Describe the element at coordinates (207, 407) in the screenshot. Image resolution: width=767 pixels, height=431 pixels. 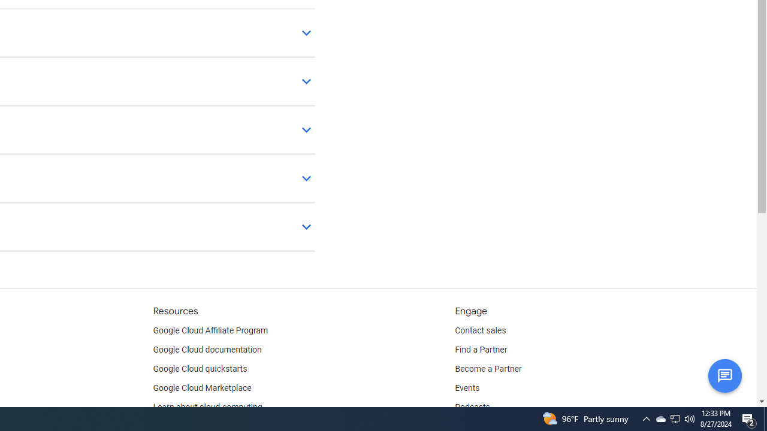
I see `'Learn about cloud computing'` at that location.